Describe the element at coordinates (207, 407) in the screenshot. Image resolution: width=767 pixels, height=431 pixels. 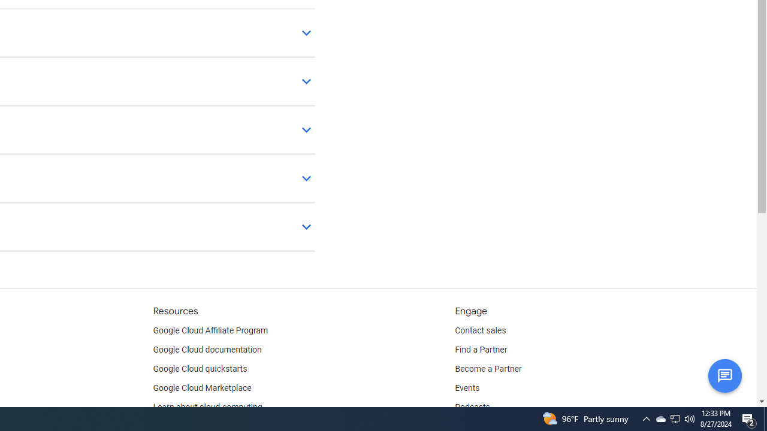
I see `'Learn about cloud computing'` at that location.